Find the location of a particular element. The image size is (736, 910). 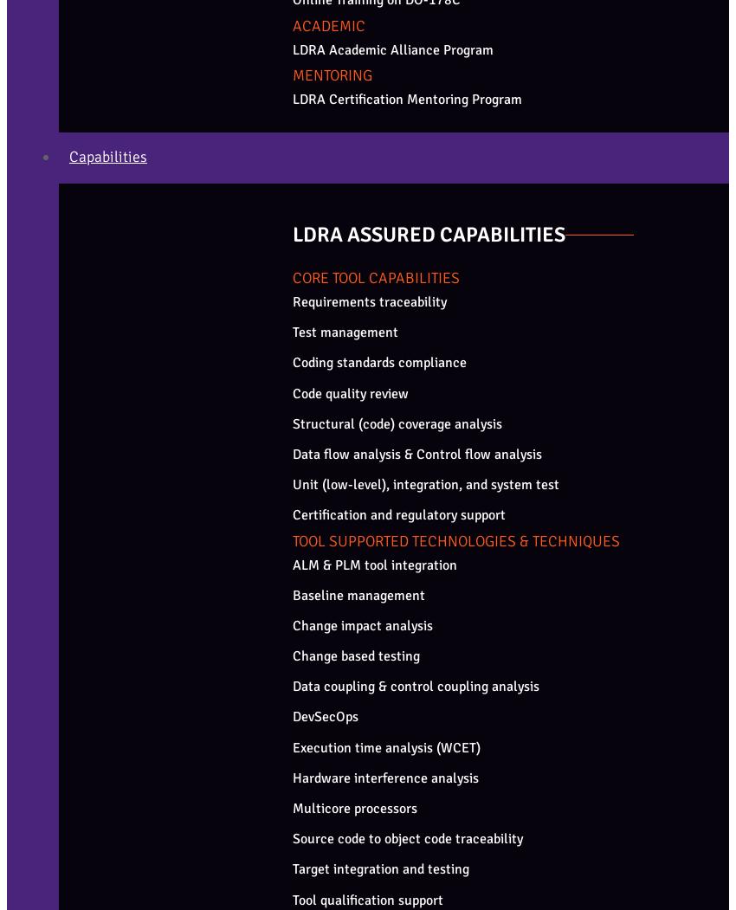

'USA:' is located at coordinates (5, 617).